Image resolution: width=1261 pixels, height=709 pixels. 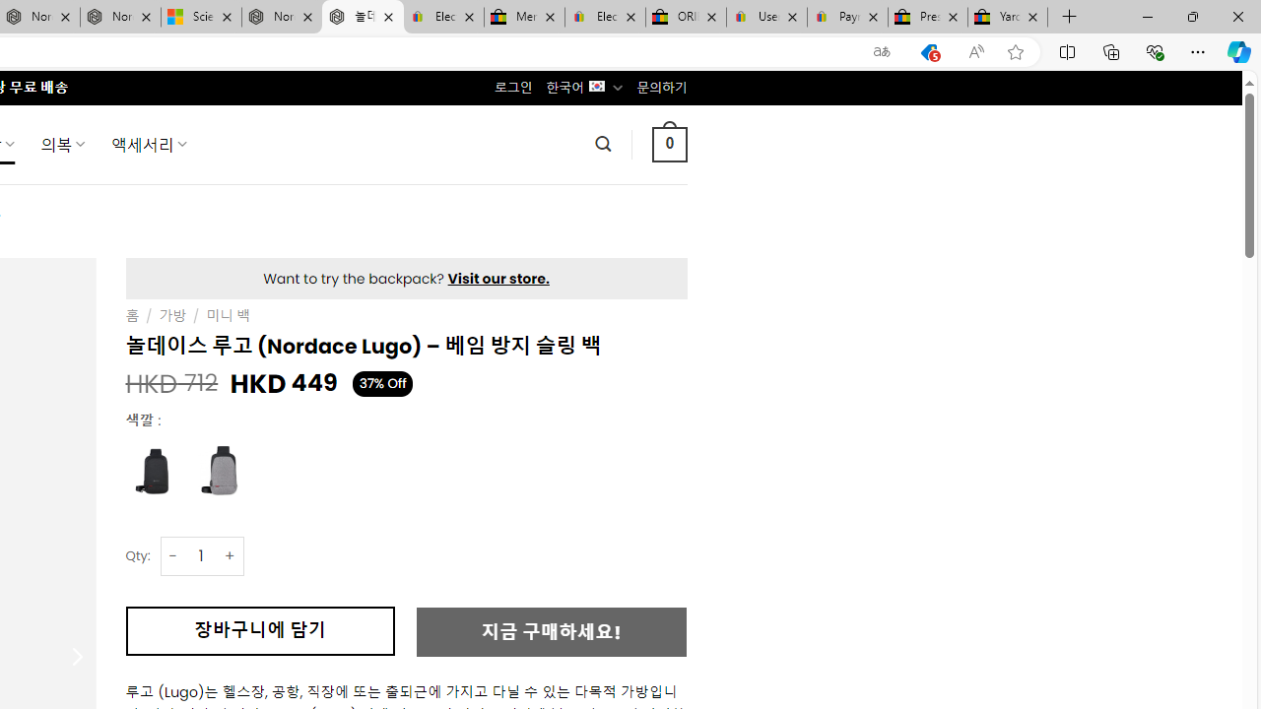 What do you see at coordinates (1008, 17) in the screenshot?
I see `'Yard, Garden & Outdoor Living'` at bounding box center [1008, 17].